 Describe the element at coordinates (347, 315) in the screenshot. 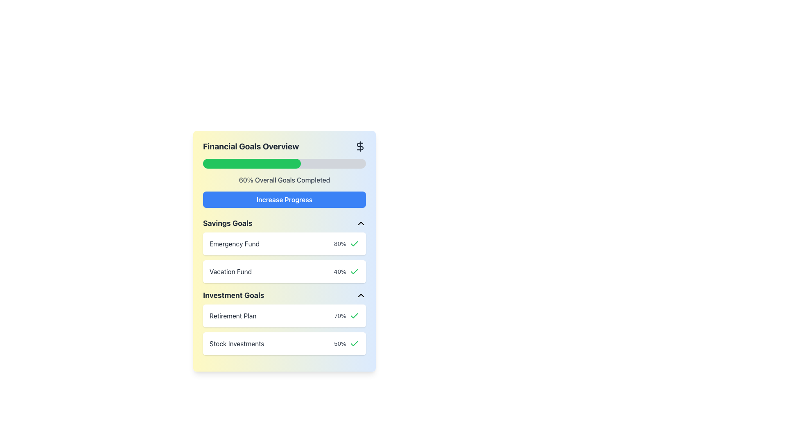

I see `the information displayed by the Indicator showing a 70% completion rate for the Retirement Plan goal, located beside the 'Retirement Plan' label in the 'Investment Goals' section` at that location.